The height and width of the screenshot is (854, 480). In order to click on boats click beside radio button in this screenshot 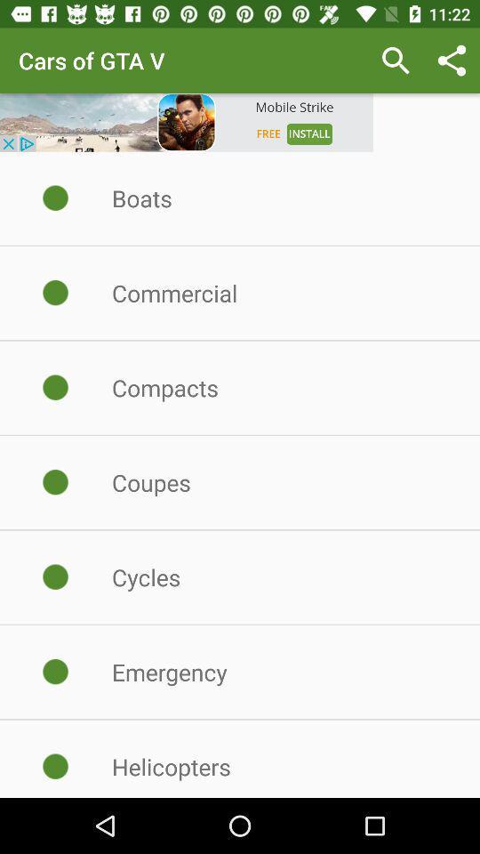, I will do `click(56, 198)`.